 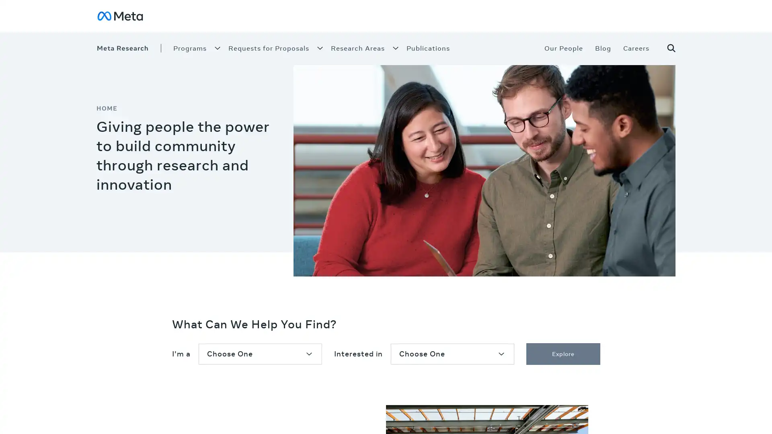 I want to click on Explore, so click(x=563, y=353).